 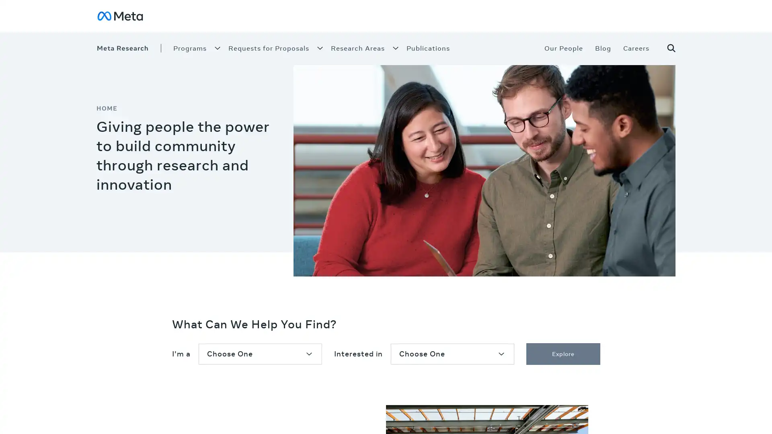 I want to click on Explore, so click(x=563, y=353).